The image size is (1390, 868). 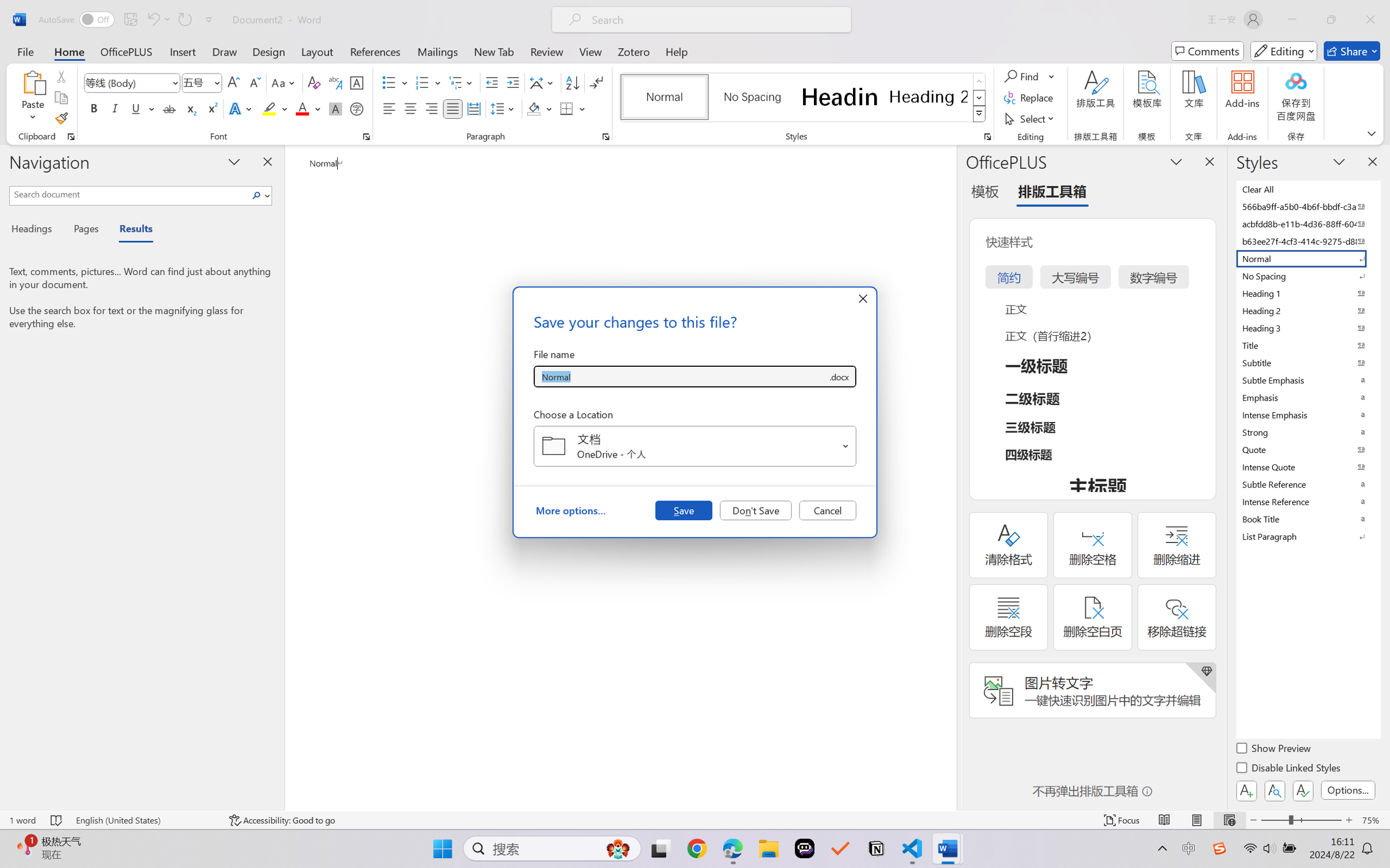 I want to click on 'Word Count 1 word', so click(x=21, y=820).